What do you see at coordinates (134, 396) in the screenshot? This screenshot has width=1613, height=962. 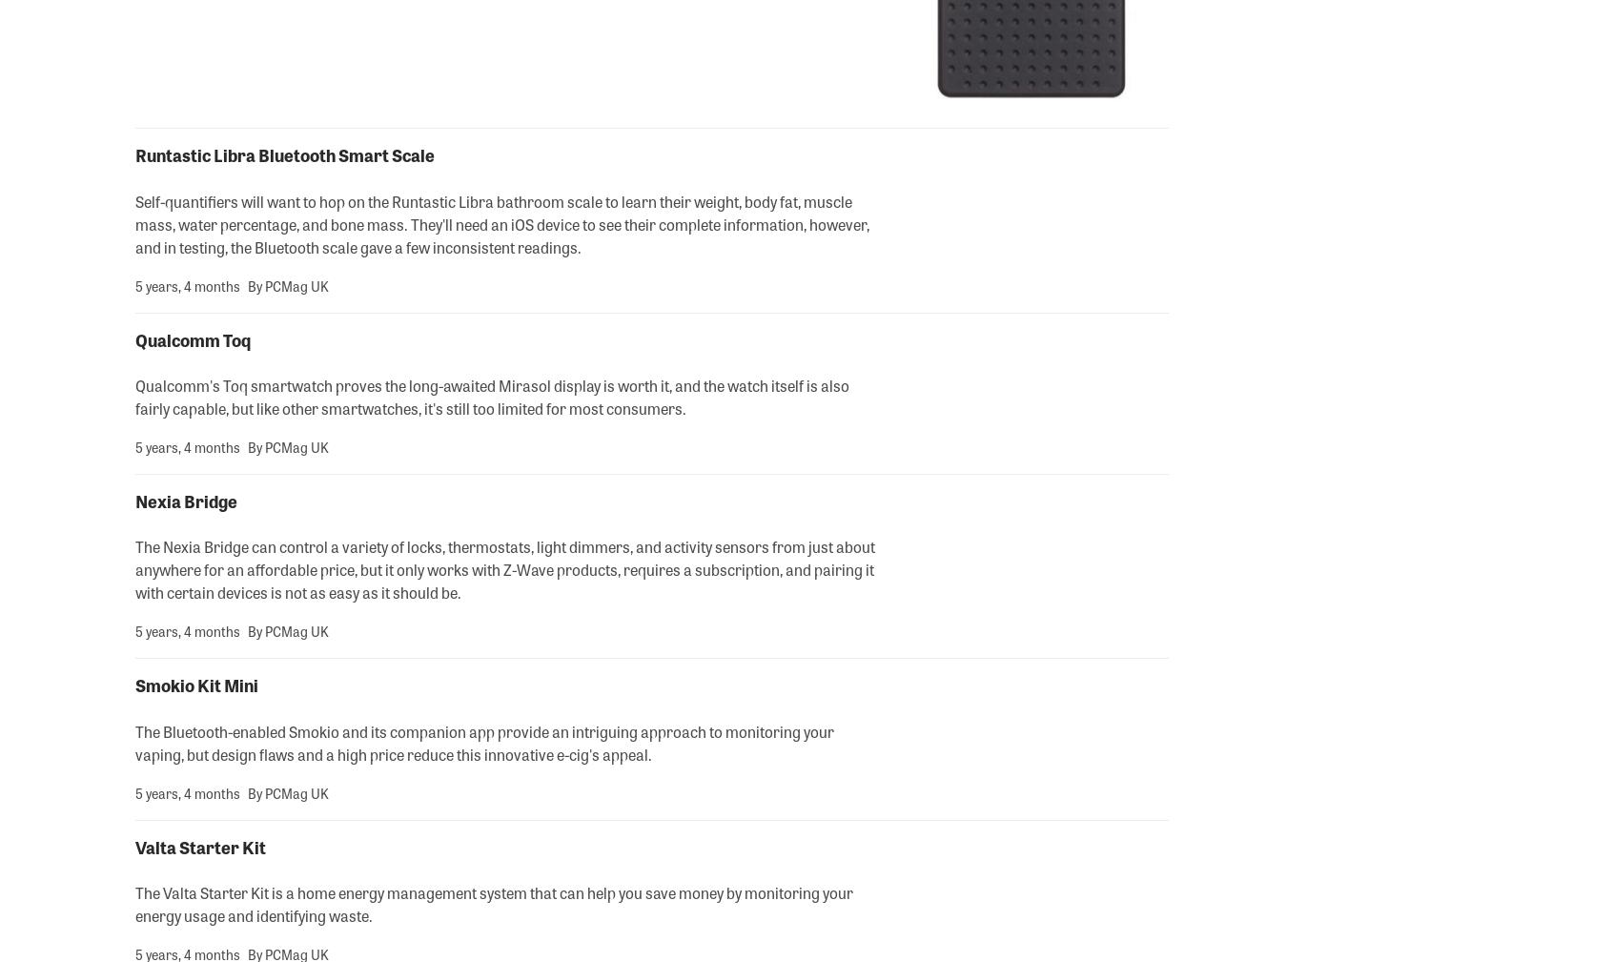 I see `'Qualcomm's Toq smartwatch proves the long-awaited Mirasol display is worth it, and the watch itself is also fairly capable, but like other smartwatches, it's still too limited for most consumers.'` at bounding box center [134, 396].